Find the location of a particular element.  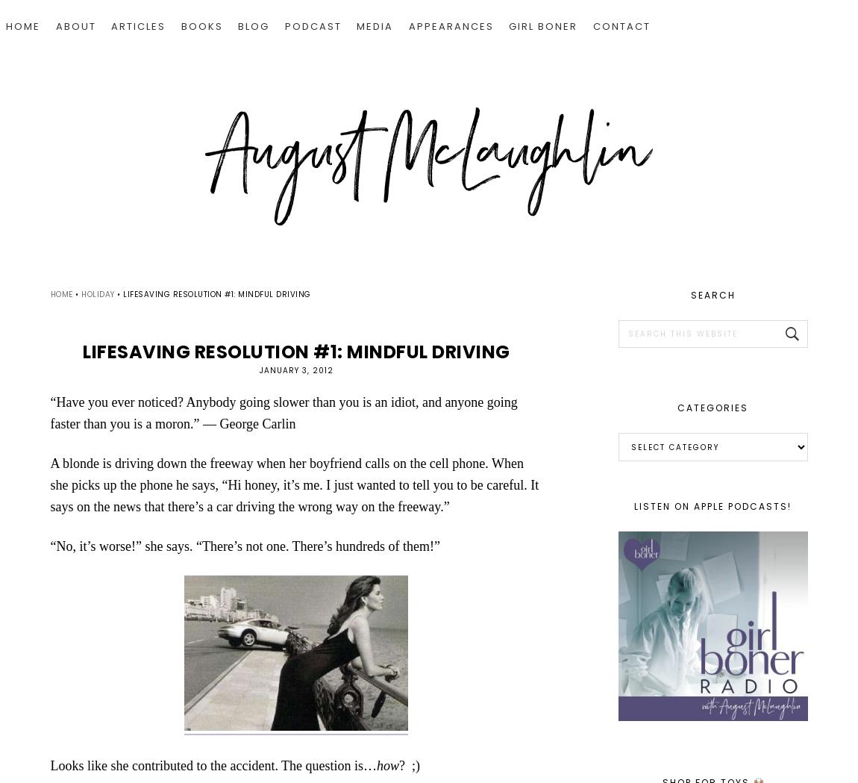

'ABOUT' is located at coordinates (54, 25).